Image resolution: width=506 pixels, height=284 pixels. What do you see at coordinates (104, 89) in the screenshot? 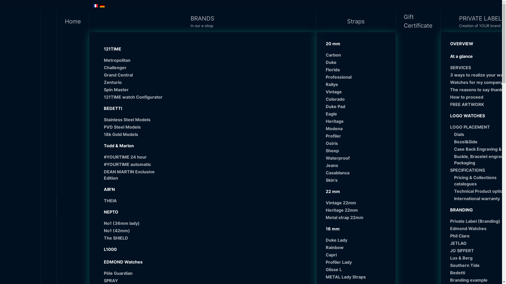
I see `'Spin Master'` at bounding box center [104, 89].